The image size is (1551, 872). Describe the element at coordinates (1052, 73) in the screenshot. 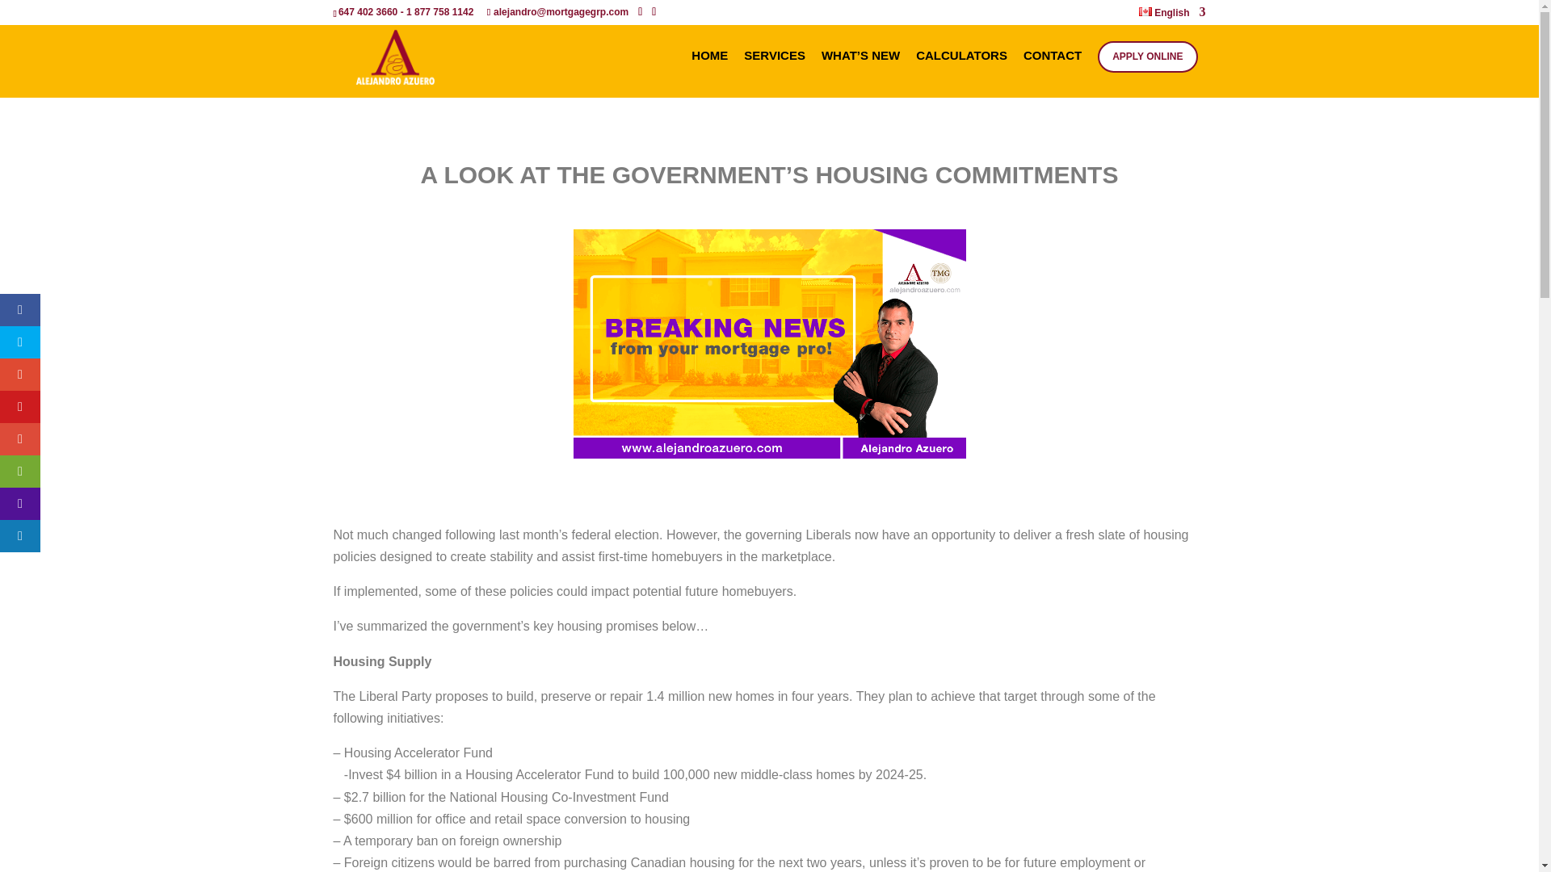

I see `'CONTACT'` at that location.